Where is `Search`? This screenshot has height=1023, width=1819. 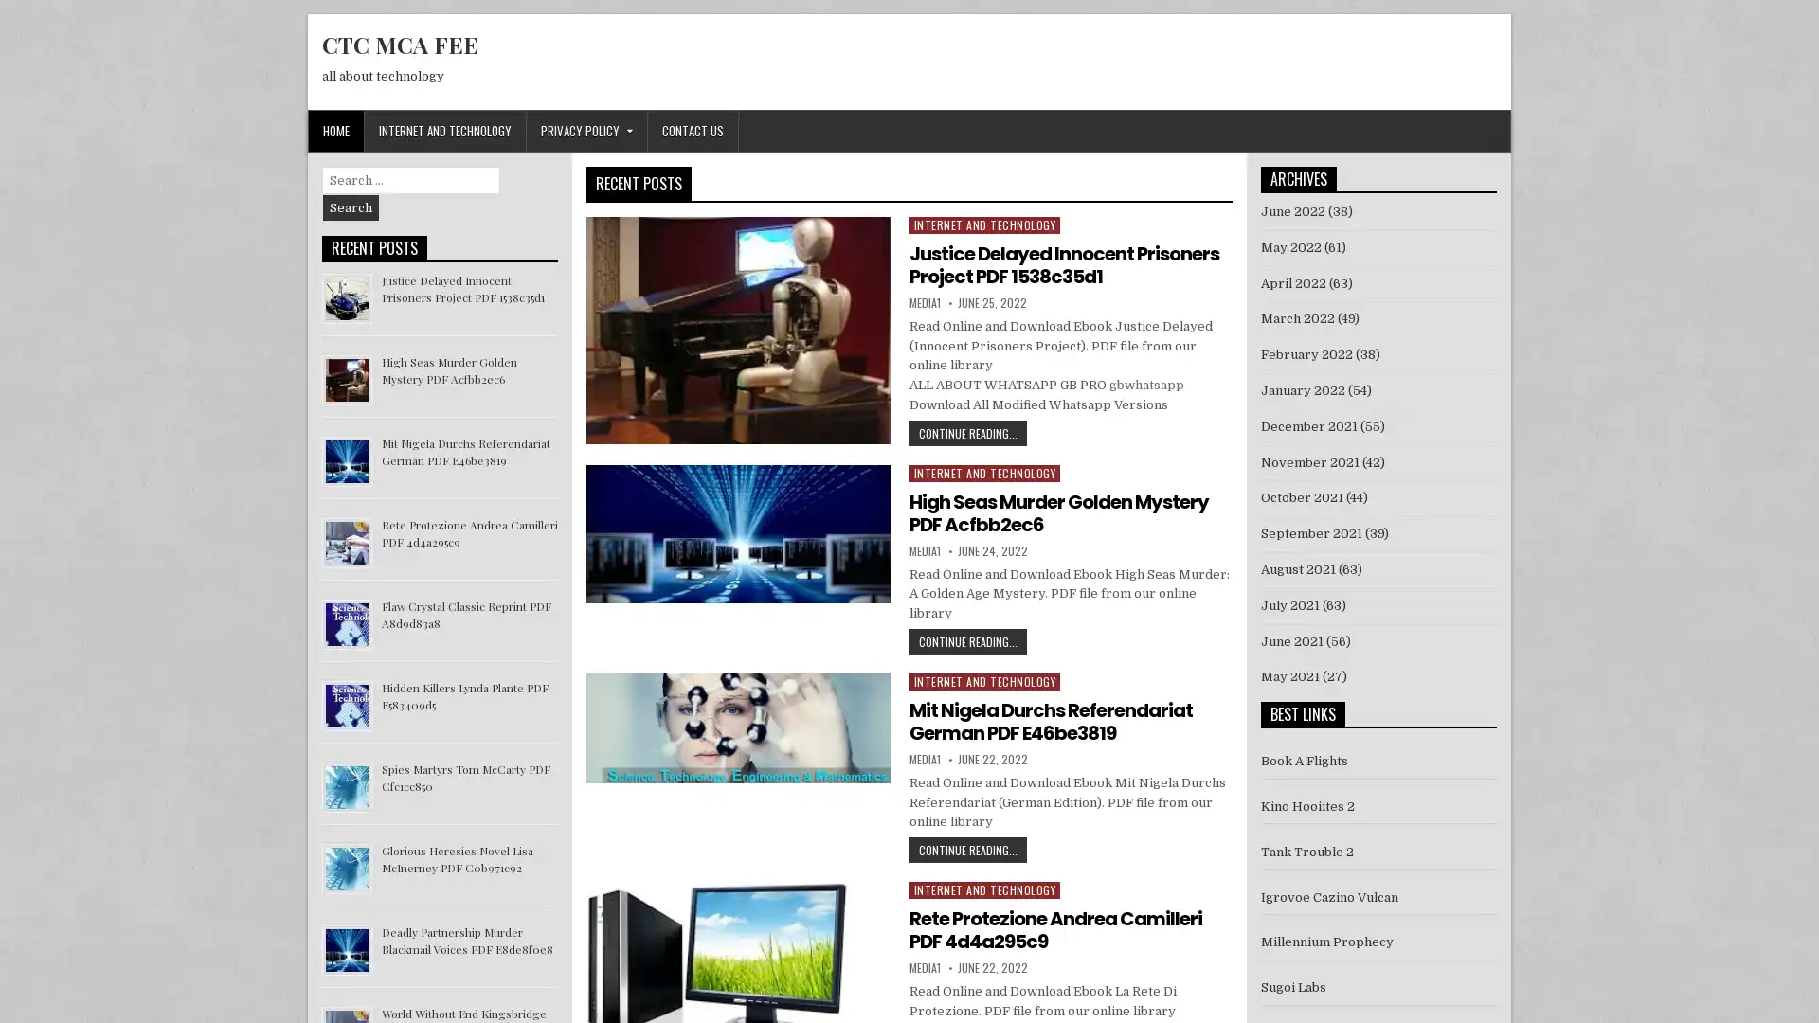 Search is located at coordinates (351, 207).